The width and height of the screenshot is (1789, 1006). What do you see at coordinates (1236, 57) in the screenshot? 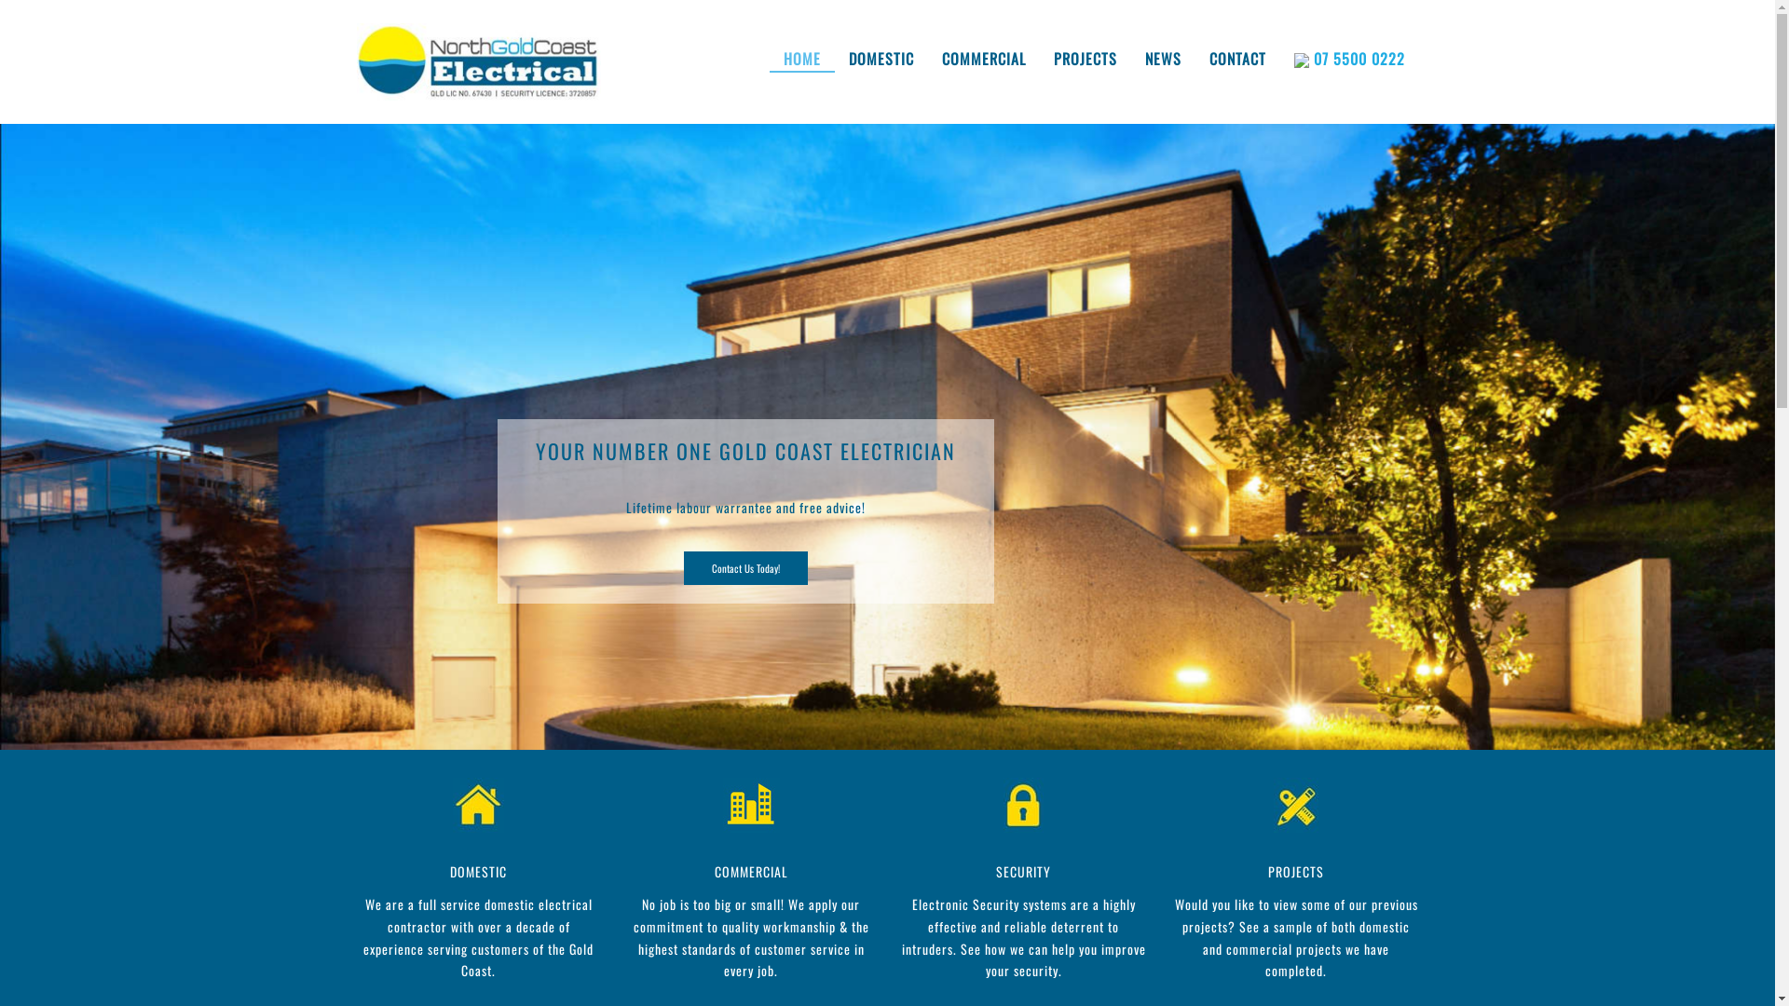
I see `'CONTACT'` at bounding box center [1236, 57].